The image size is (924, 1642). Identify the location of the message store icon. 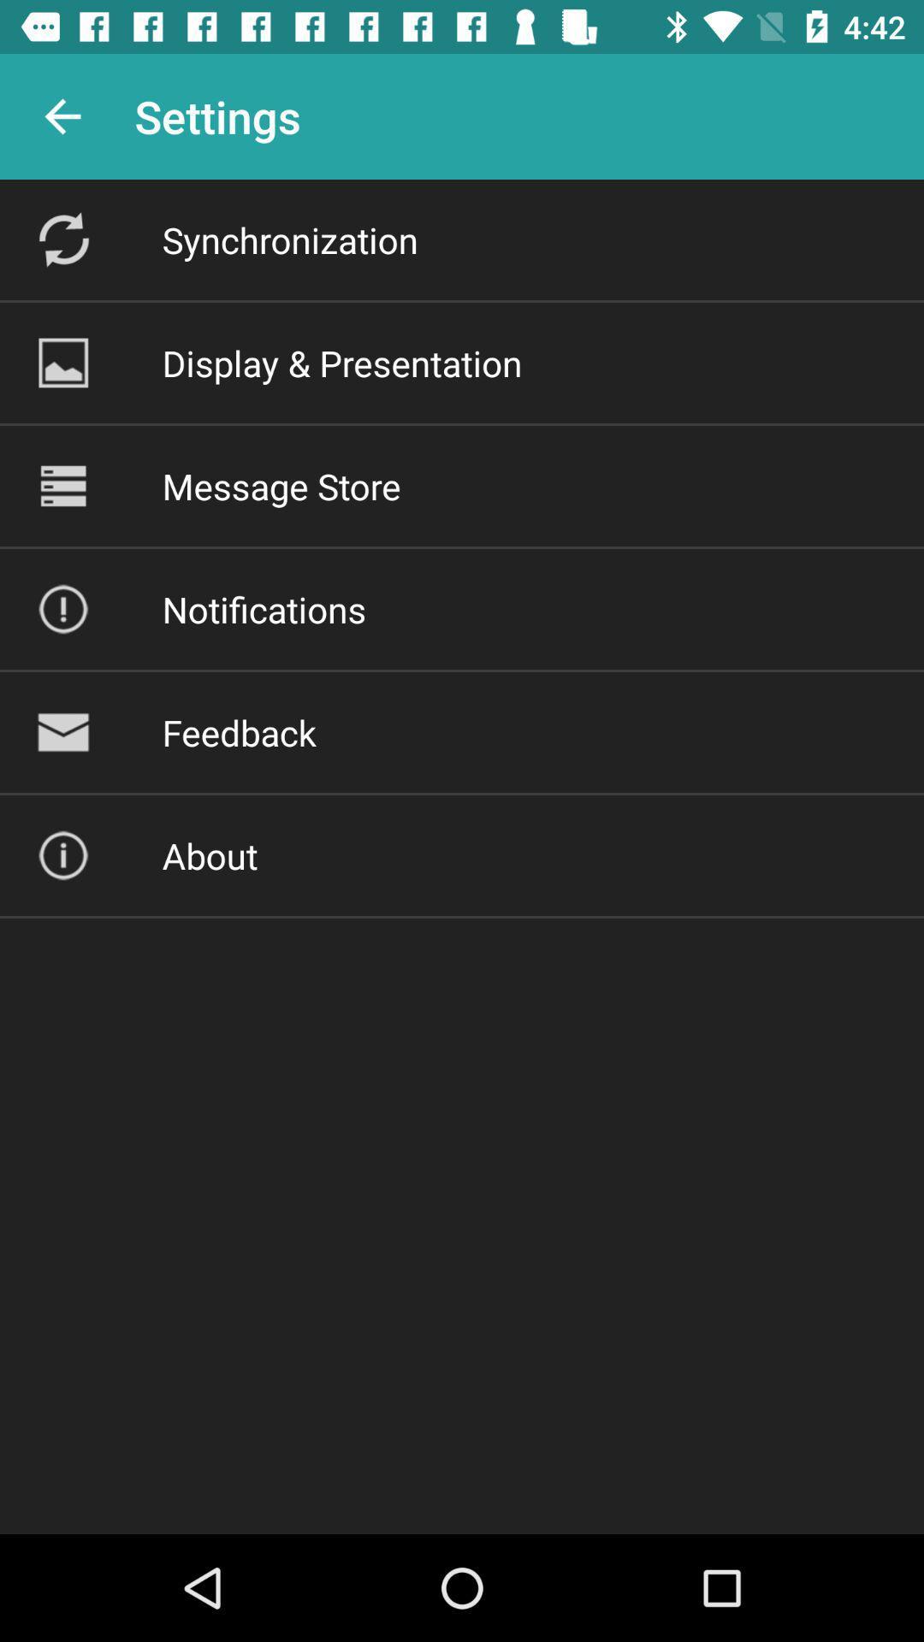
(281, 485).